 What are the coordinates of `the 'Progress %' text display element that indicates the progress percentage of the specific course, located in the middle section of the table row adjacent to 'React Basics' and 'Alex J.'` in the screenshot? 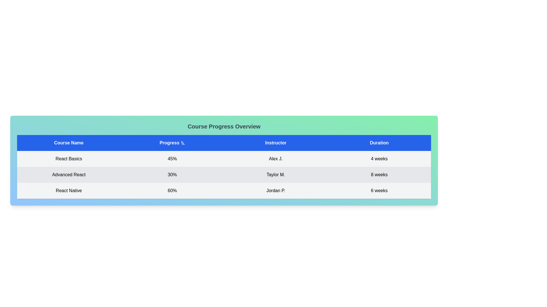 It's located at (172, 159).